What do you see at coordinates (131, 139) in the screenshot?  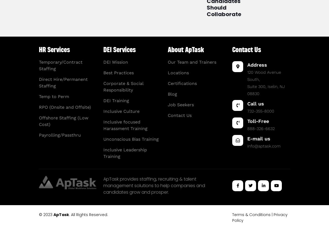 I see `'Unconscious Bias Training'` at bounding box center [131, 139].